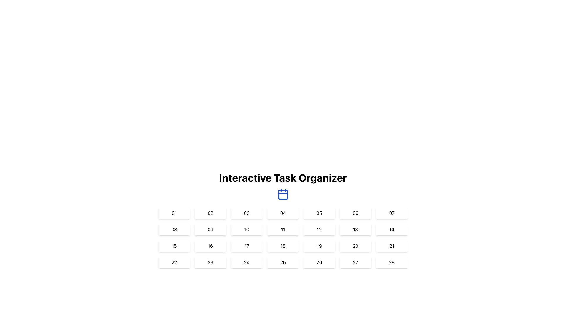  Describe the element at coordinates (392, 262) in the screenshot. I see `the rectangular button with a light gray background and the text '28' to trigger its hover effect` at that location.